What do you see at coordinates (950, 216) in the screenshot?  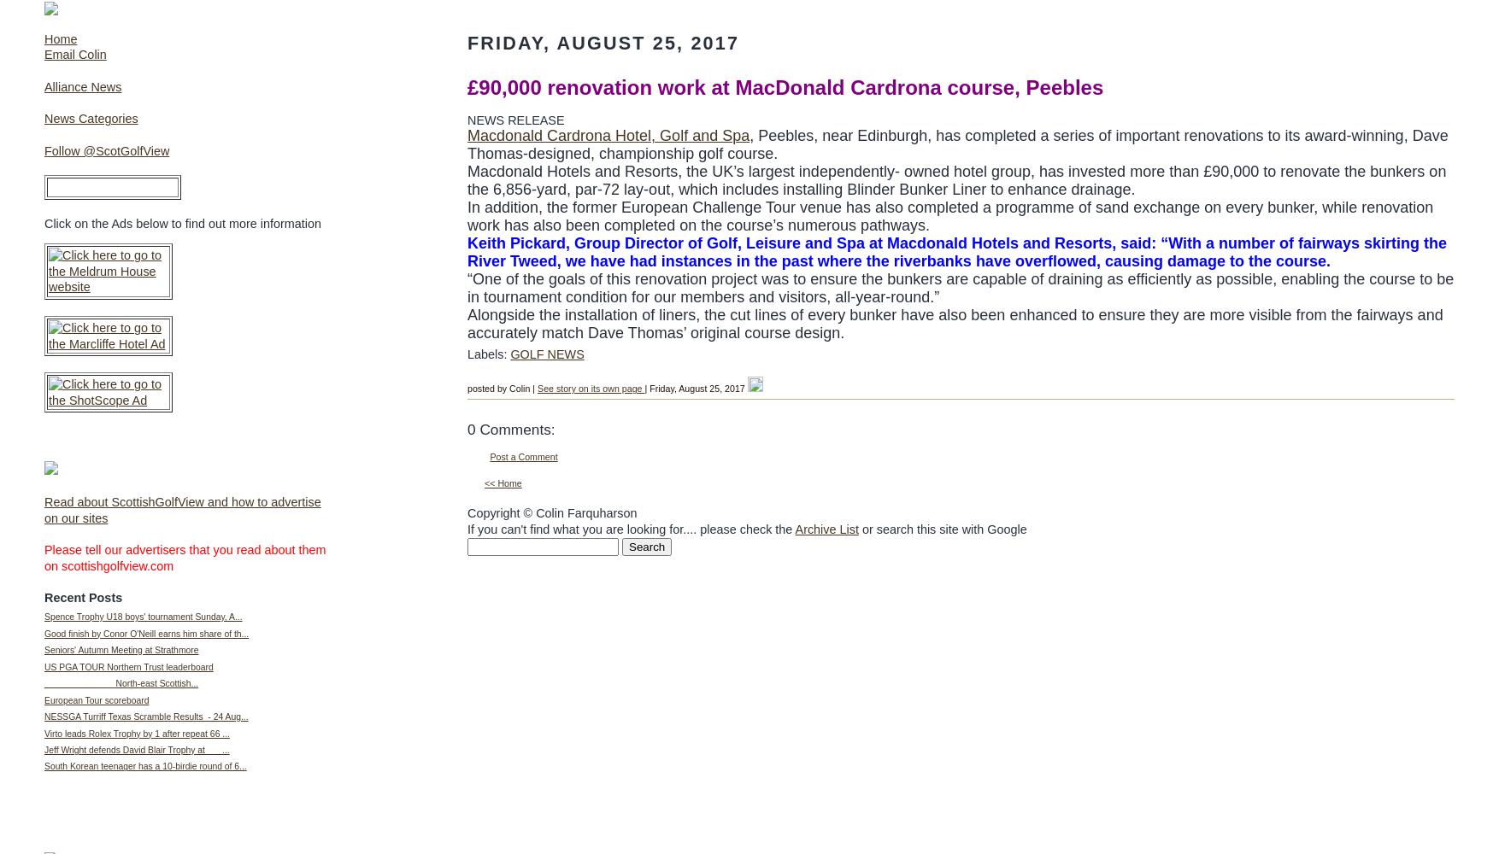 I see `'In addition, the former European Challenge Tour venue has also completed a programme of sand exchange on every bunker, while renovation work has also been completed on the course’s numerous pathways.'` at bounding box center [950, 216].